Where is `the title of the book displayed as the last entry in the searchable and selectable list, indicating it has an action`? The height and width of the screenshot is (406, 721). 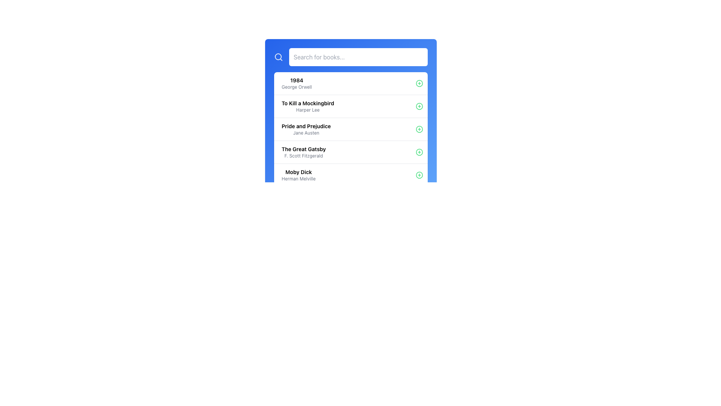 the title of the book displayed as the last entry in the searchable and selectable list, indicating it has an action is located at coordinates (298, 172).